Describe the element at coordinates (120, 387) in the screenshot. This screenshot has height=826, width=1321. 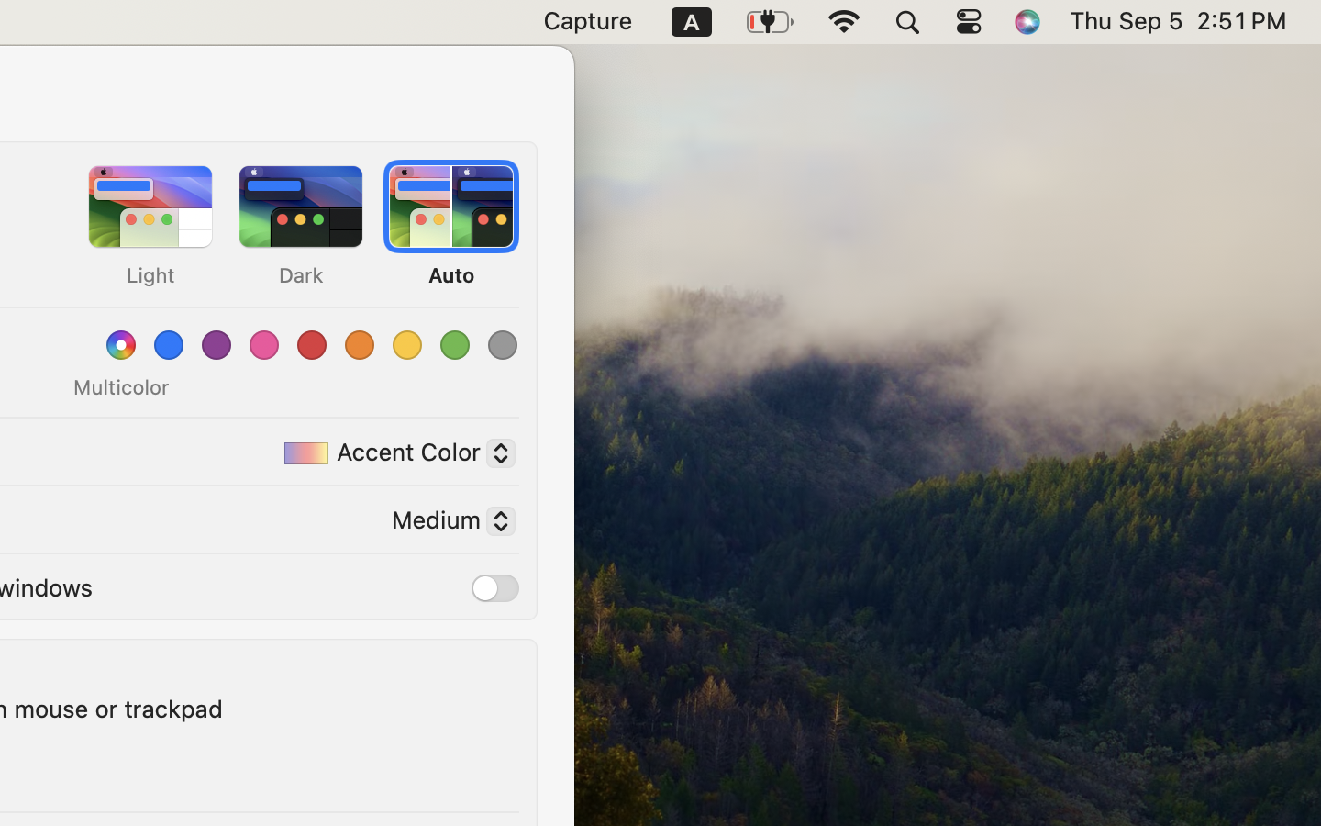
I see `'Multicolor'` at that location.